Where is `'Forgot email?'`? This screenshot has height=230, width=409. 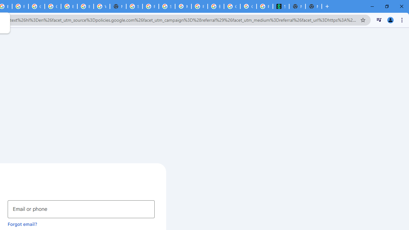 'Forgot email?' is located at coordinates (22, 224).